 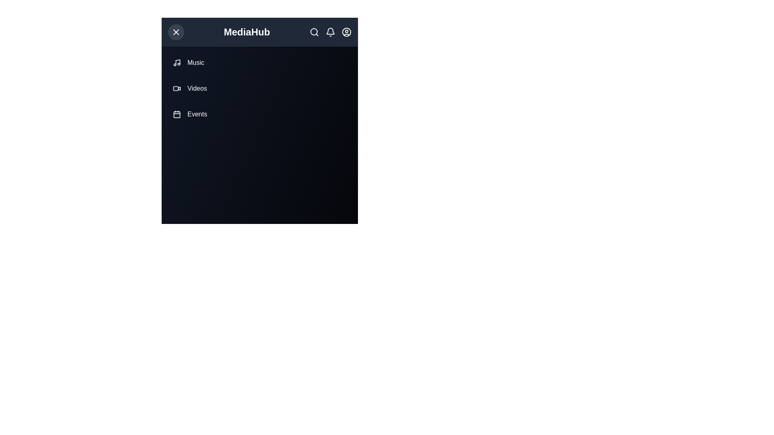 What do you see at coordinates (260, 114) in the screenshot?
I see `the navigation item Events` at bounding box center [260, 114].